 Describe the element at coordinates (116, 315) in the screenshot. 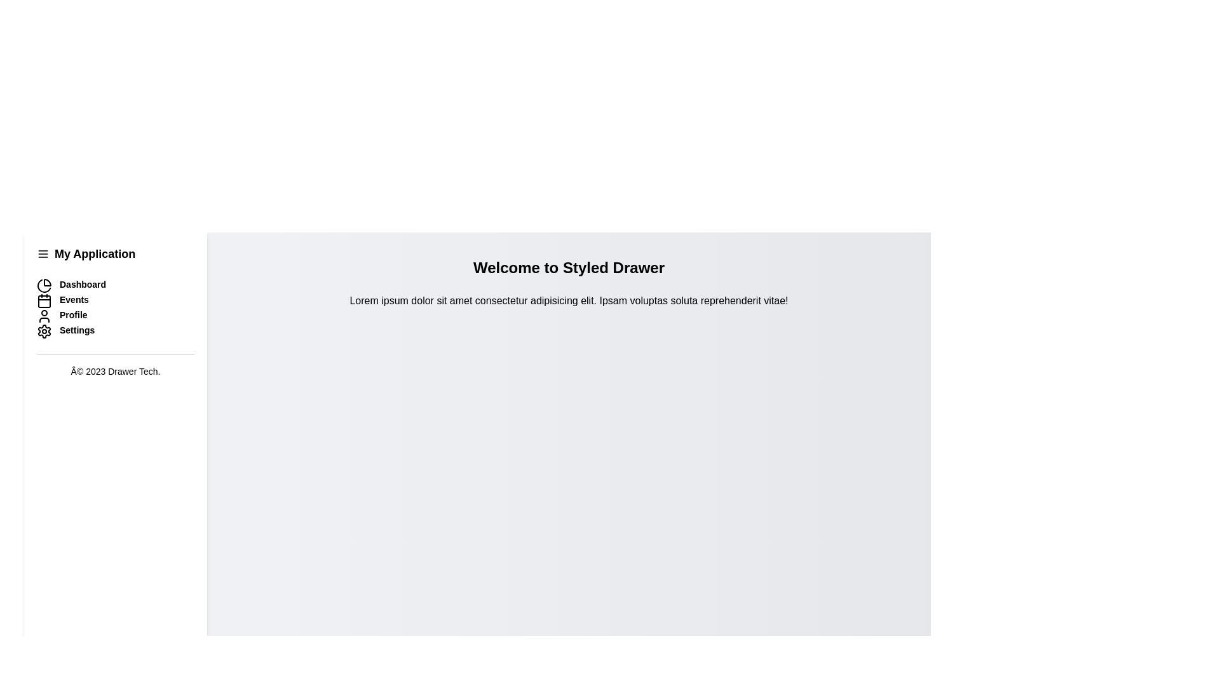

I see `the Profile navigation menu item` at that location.